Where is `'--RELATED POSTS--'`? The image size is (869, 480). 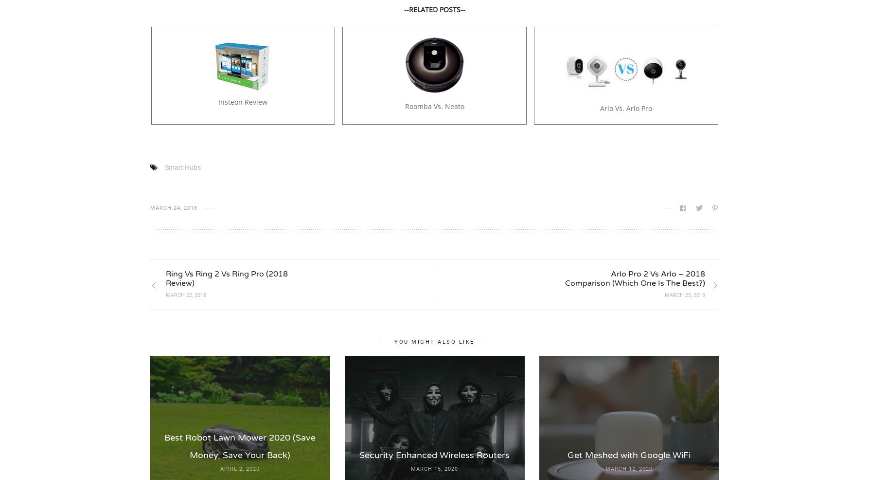
'--RELATED POSTS--' is located at coordinates (434, 9).